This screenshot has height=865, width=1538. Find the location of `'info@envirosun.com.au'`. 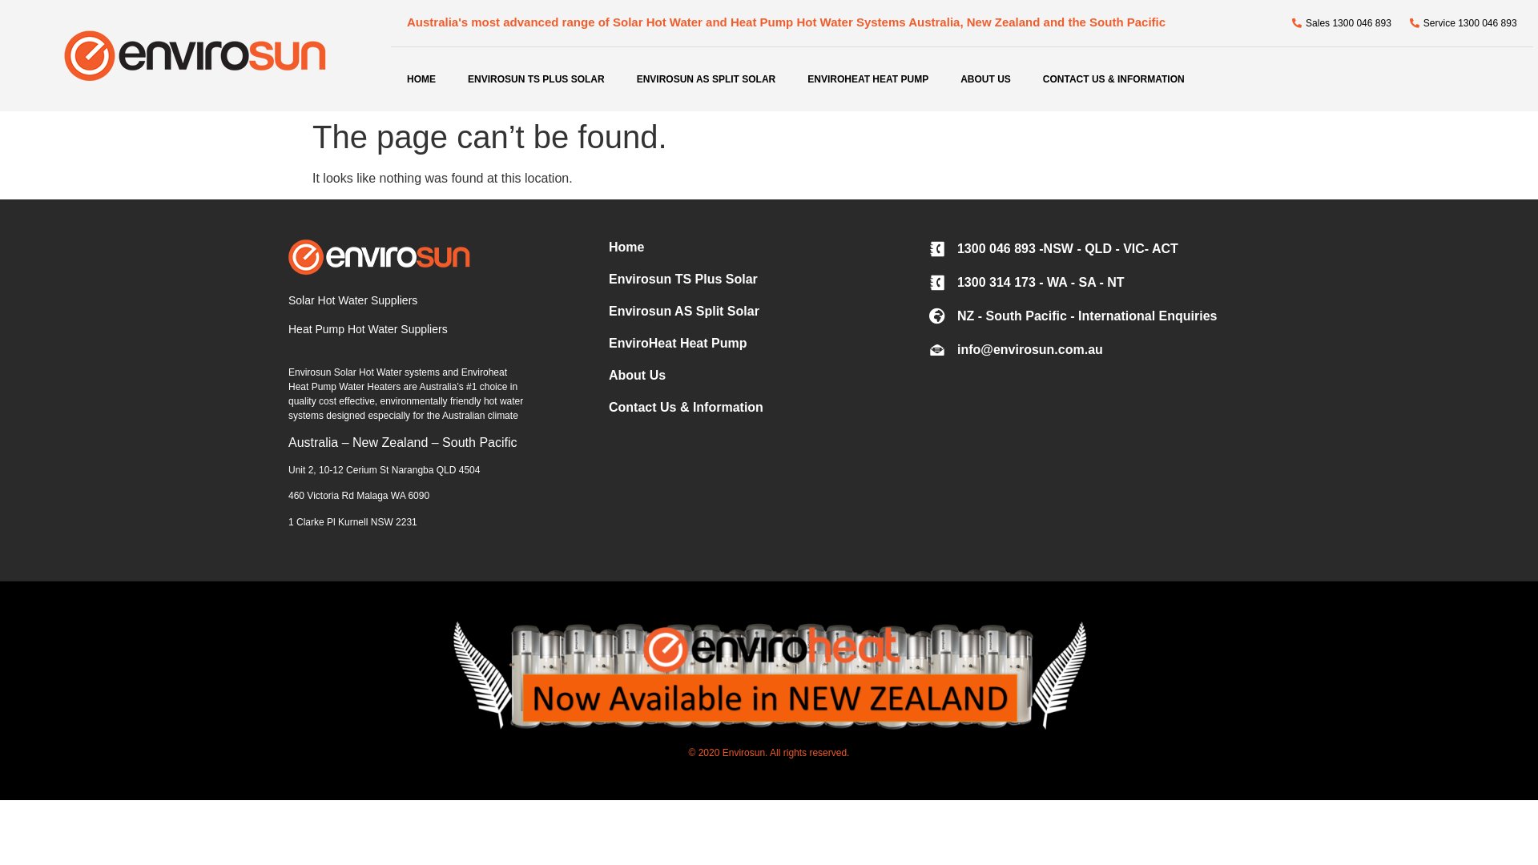

'info@envirosun.com.au' is located at coordinates (929, 348).